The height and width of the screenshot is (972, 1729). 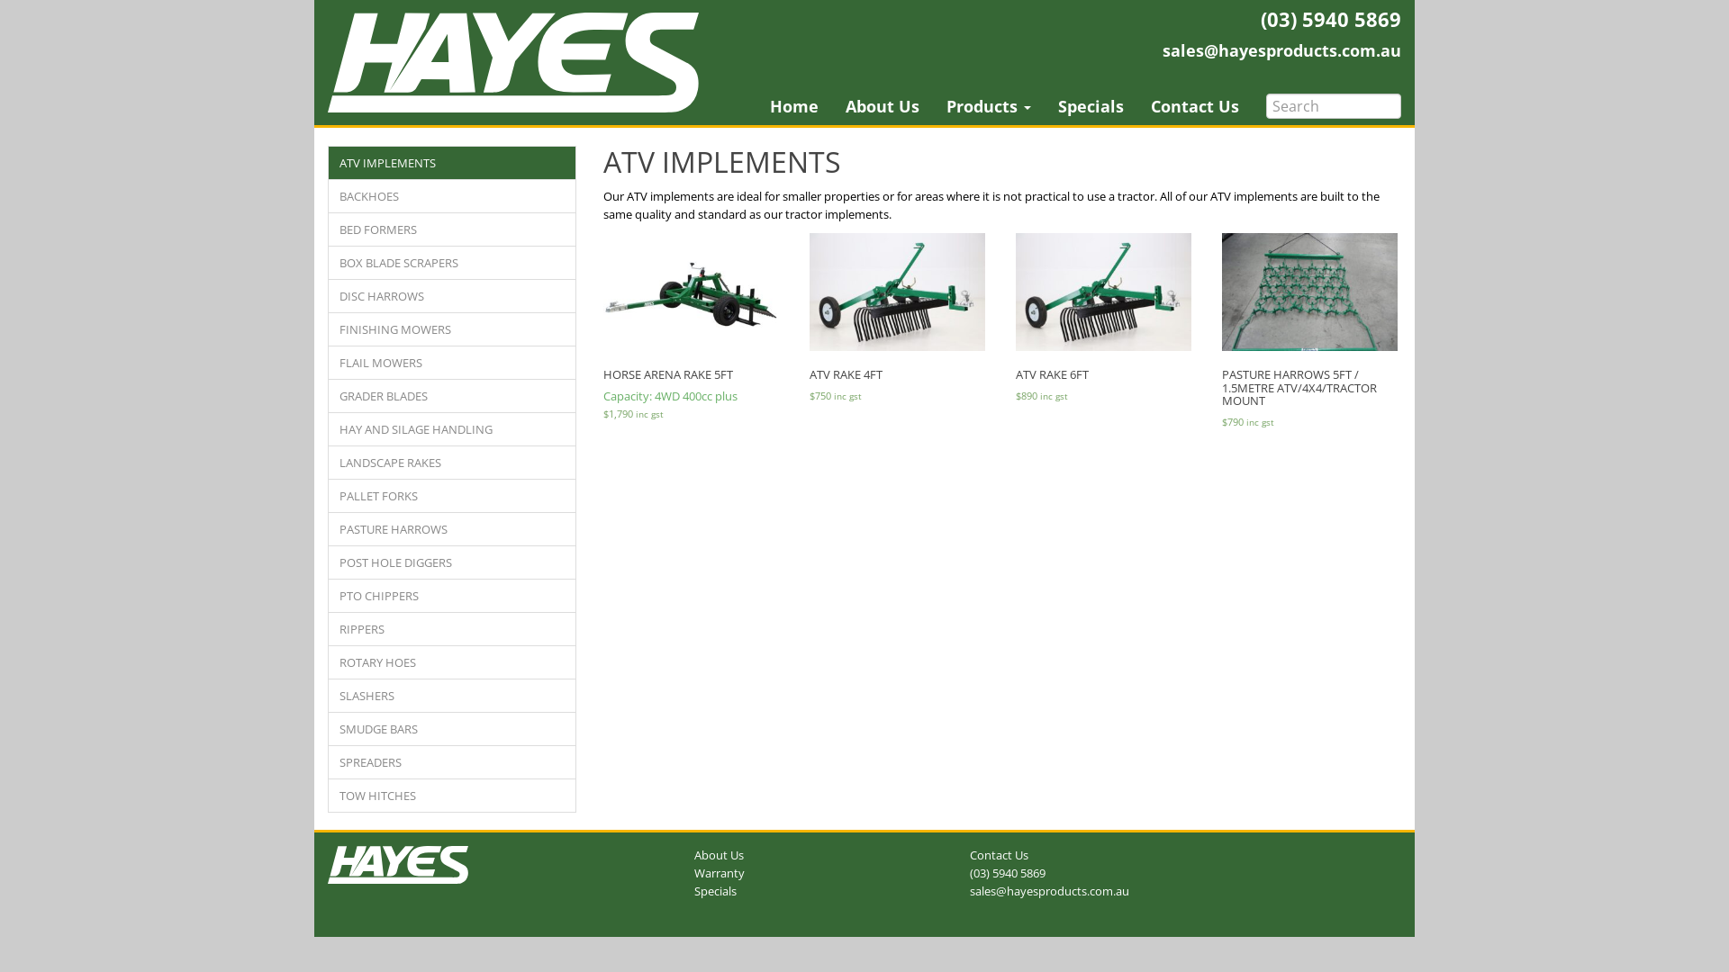 What do you see at coordinates (452, 729) in the screenshot?
I see `'SMUDGE BARS'` at bounding box center [452, 729].